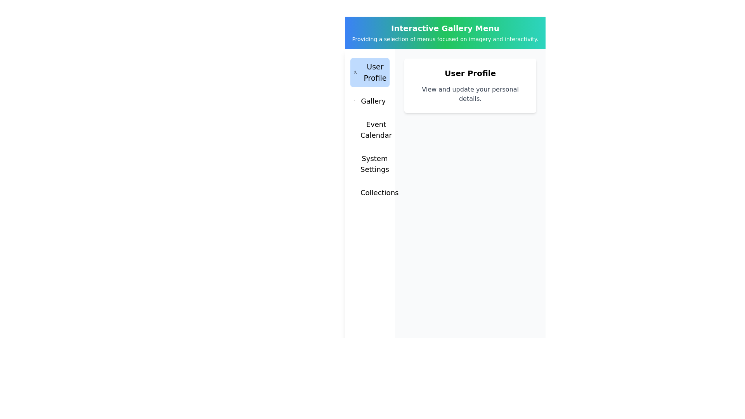 This screenshot has width=745, height=419. What do you see at coordinates (369, 101) in the screenshot?
I see `the menu item Gallery to observe its hover effect` at bounding box center [369, 101].